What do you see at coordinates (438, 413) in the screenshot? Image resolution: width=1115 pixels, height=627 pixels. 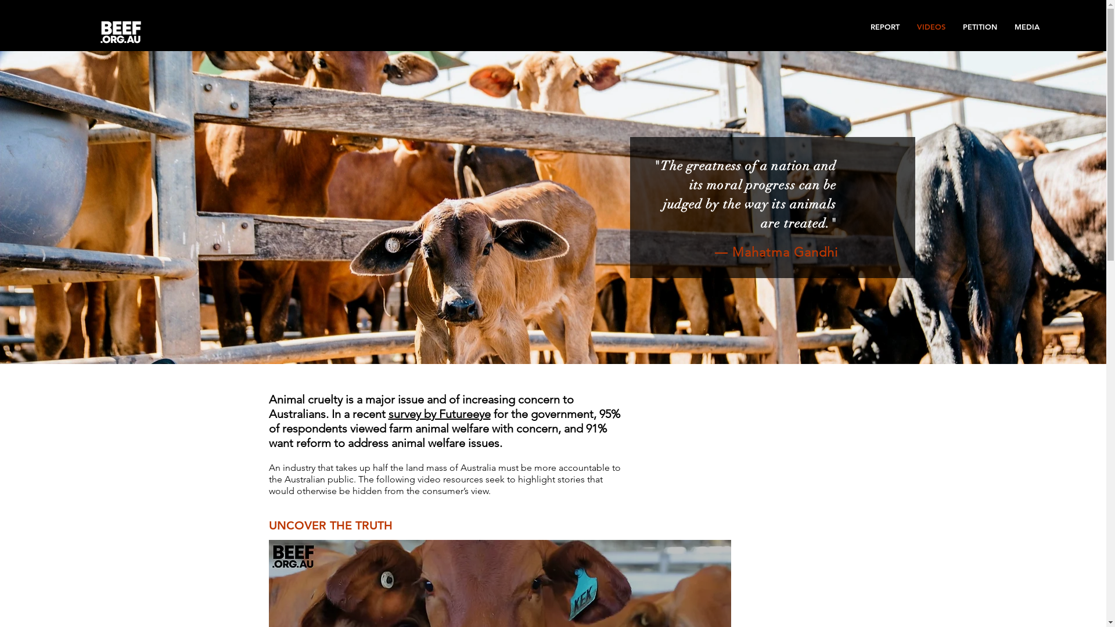 I see `'survey by Futureeye'` at bounding box center [438, 413].